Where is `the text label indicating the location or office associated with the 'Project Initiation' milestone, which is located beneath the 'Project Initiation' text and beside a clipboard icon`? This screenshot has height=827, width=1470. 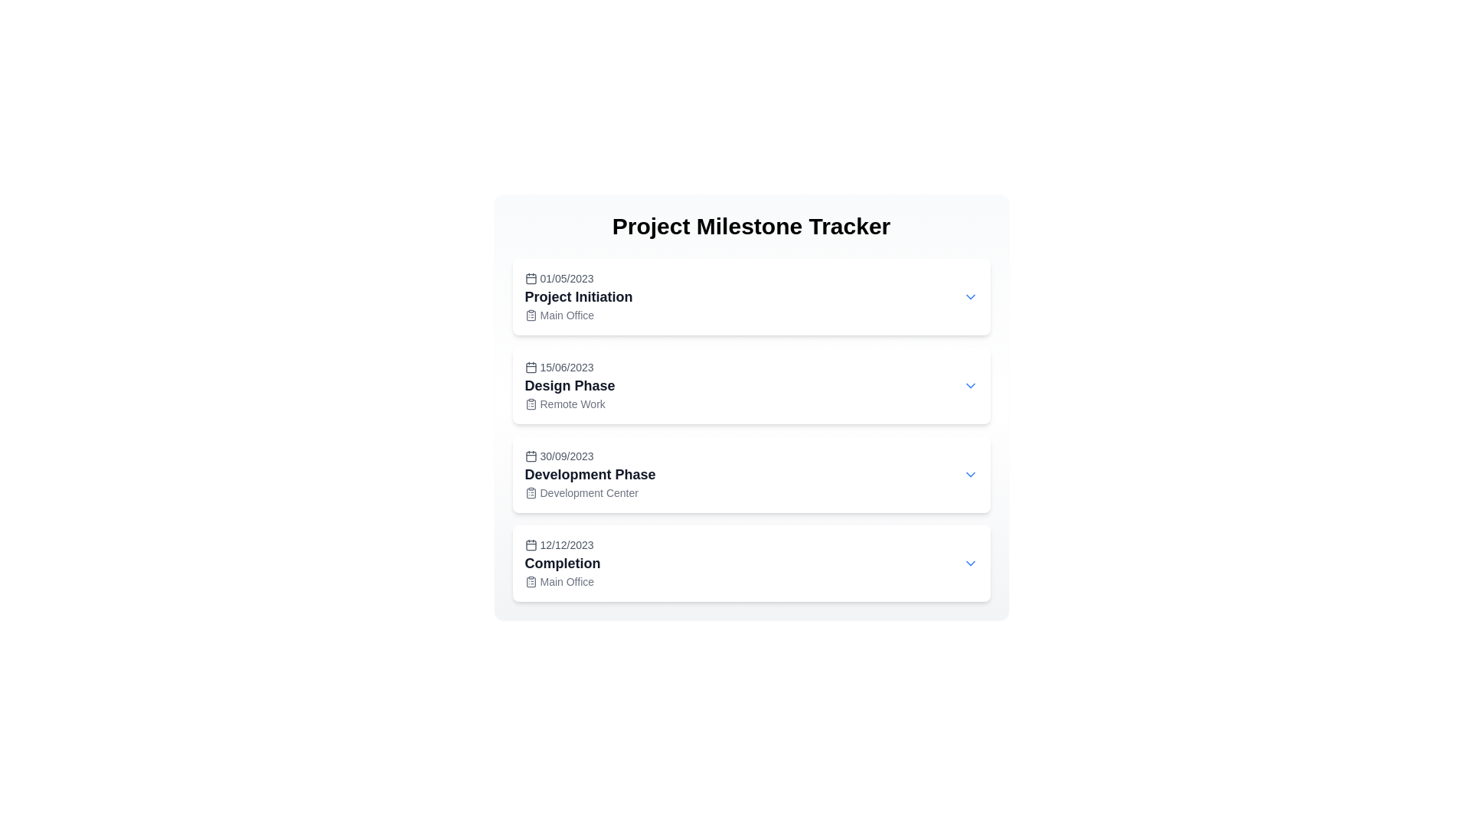
the text label indicating the location or office associated with the 'Project Initiation' milestone, which is located beneath the 'Project Initiation' text and beside a clipboard icon is located at coordinates (578, 315).